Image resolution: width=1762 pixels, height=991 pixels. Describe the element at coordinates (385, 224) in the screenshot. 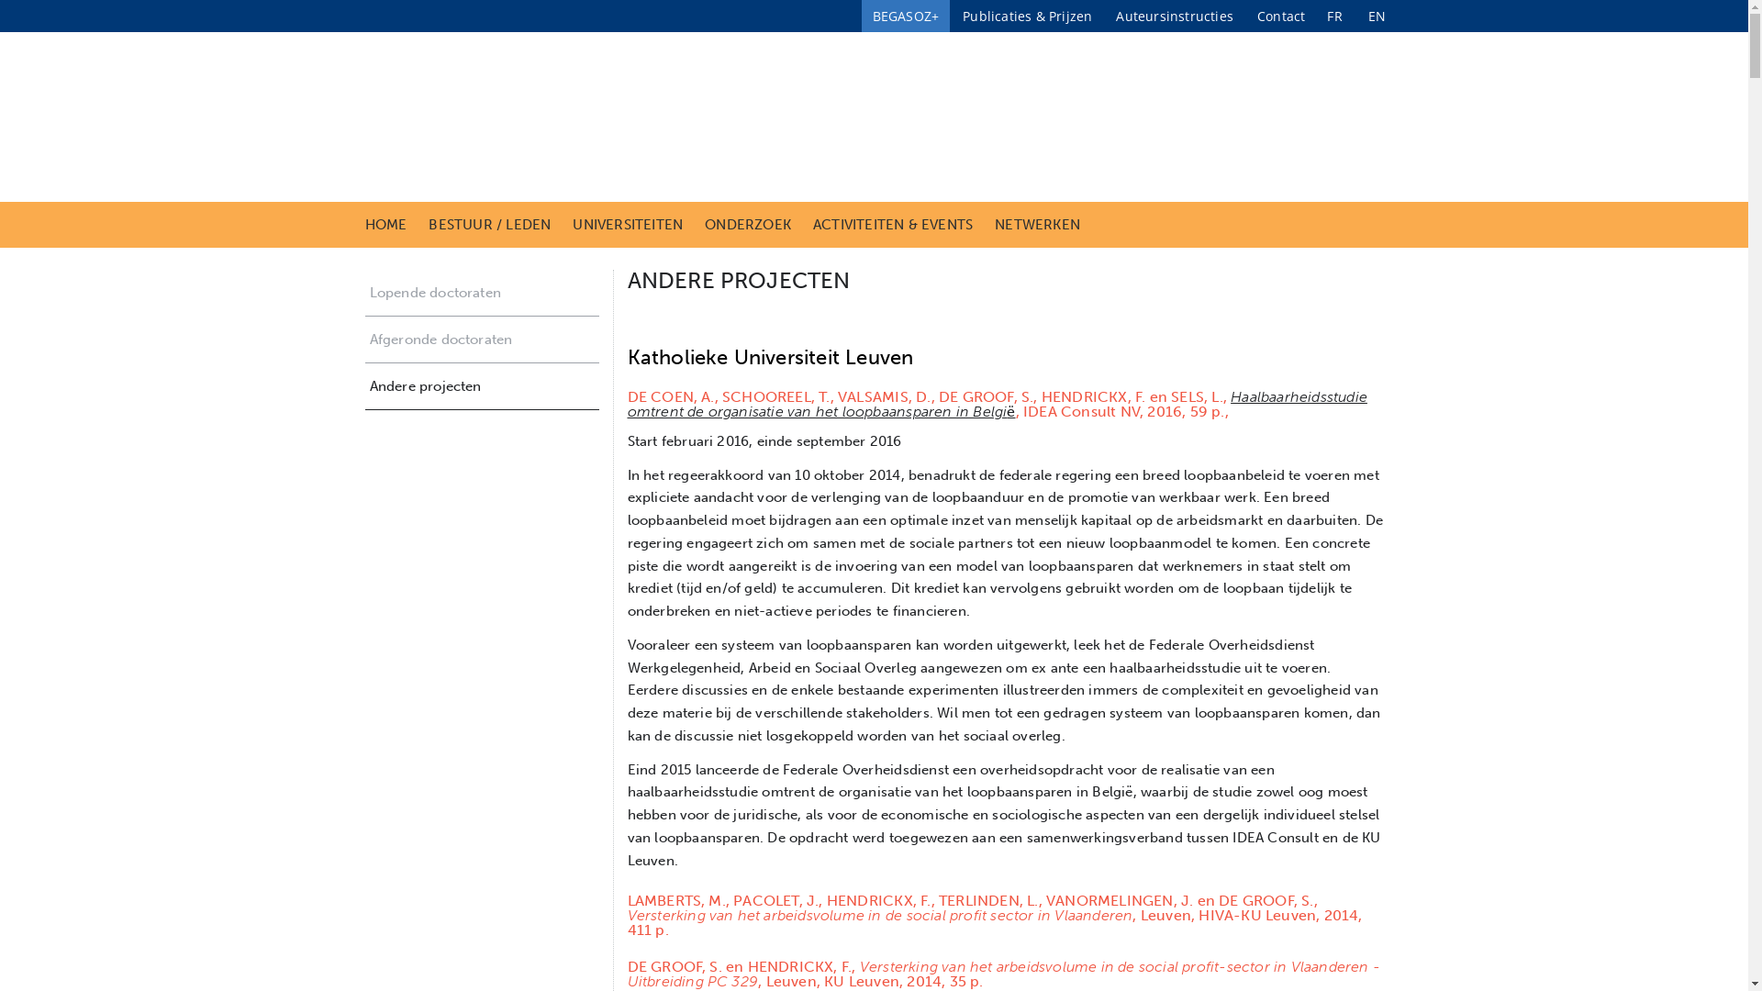

I see `'HOME'` at that location.